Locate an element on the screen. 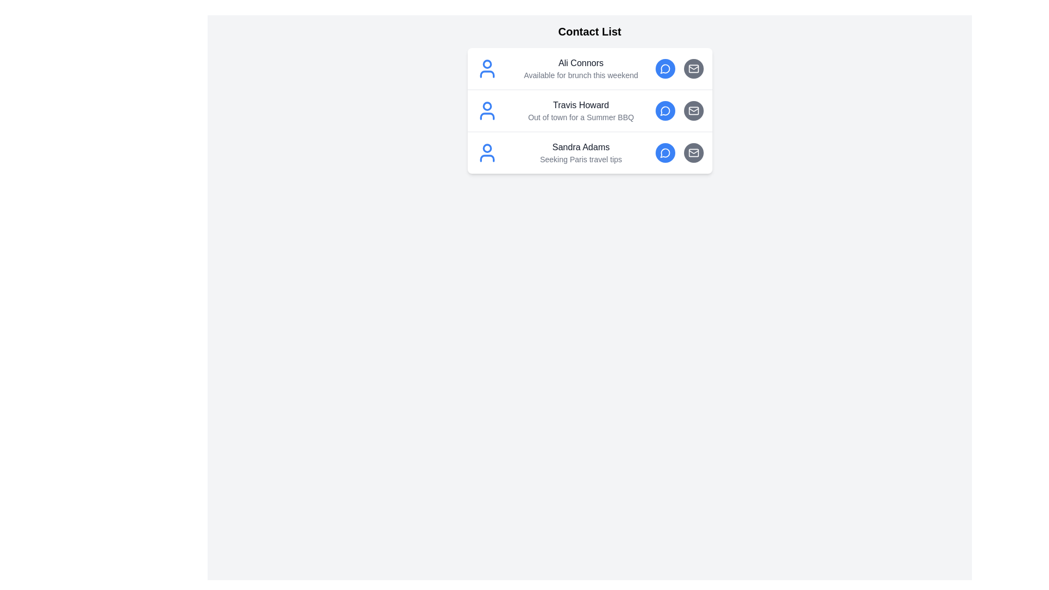  the user profile vector icon, which is a blue outline of a person's head and shoulders, located to the left of the text 'Travis Howard' in the contact list is located at coordinates (486, 111).